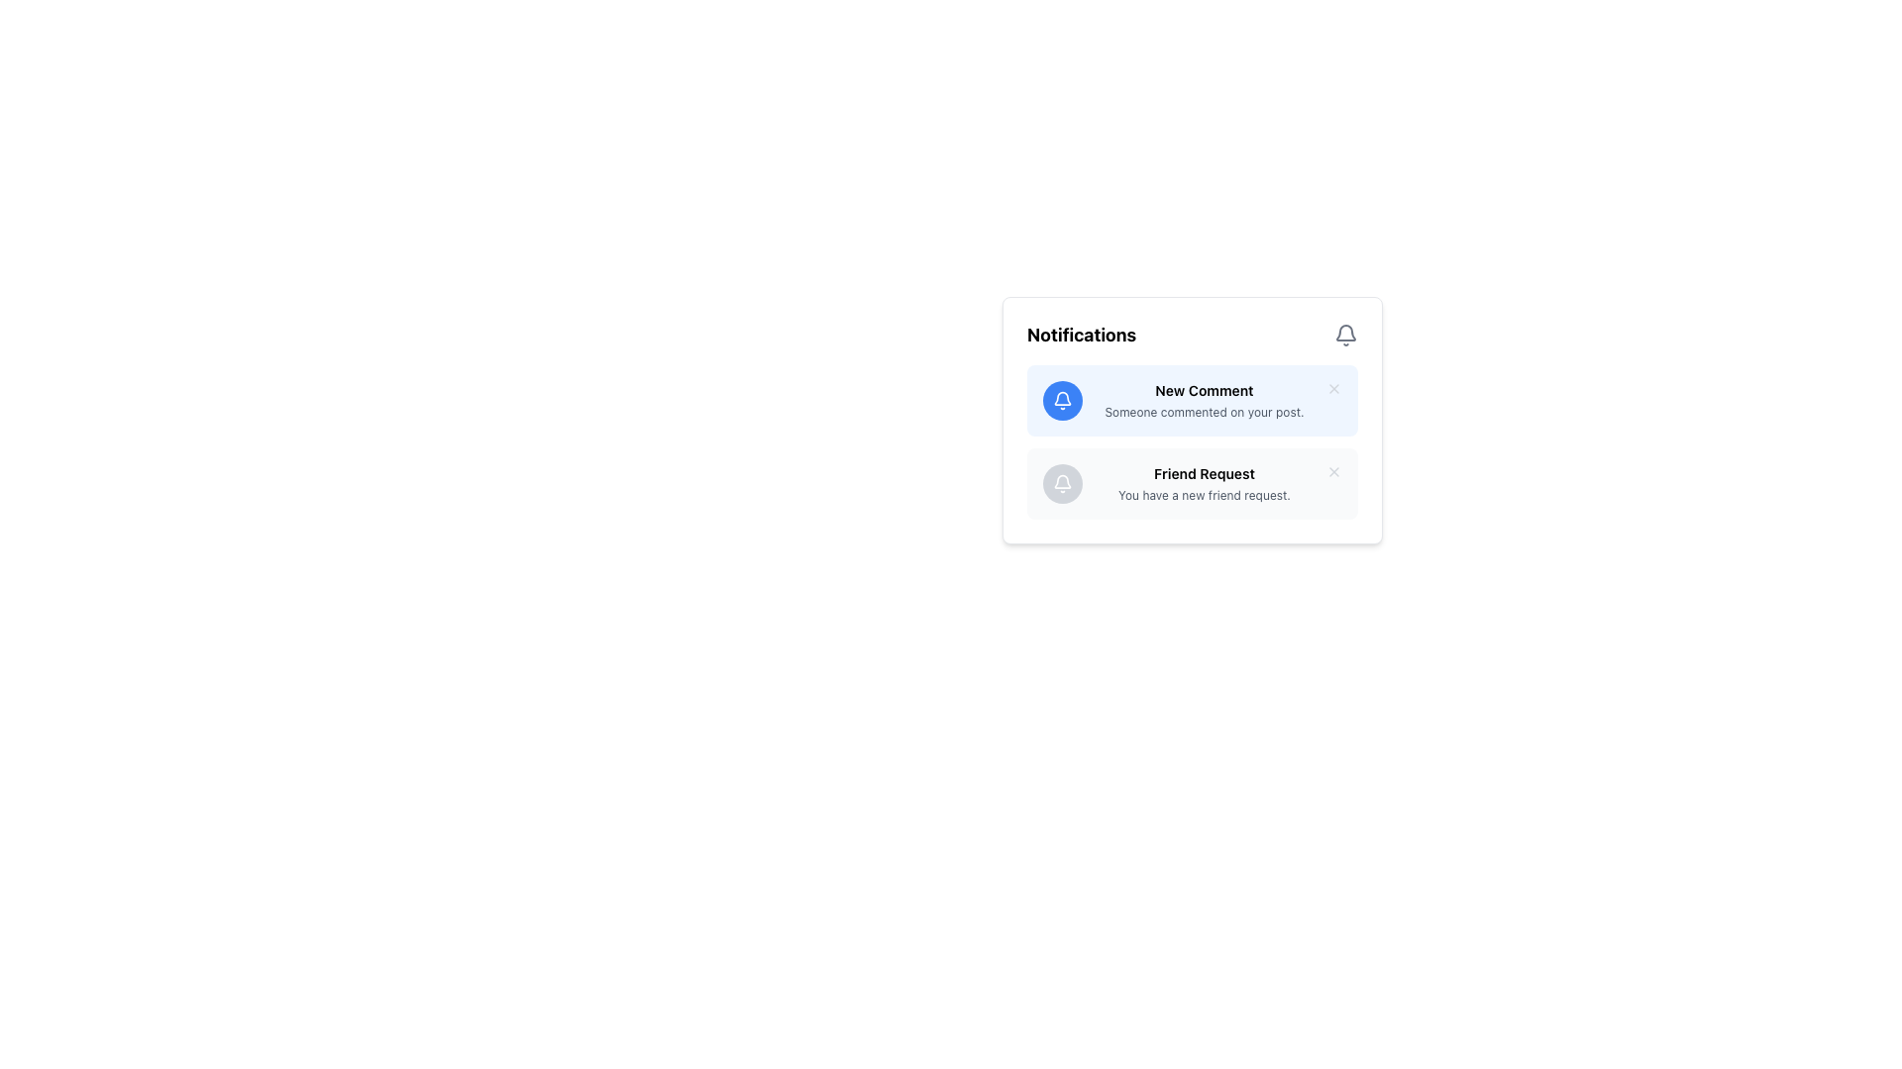 This screenshot has width=1902, height=1069. I want to click on the text label that reads 'Someone commented on your post.' located below the 'New Comment' label in the notification card, so click(1203, 411).